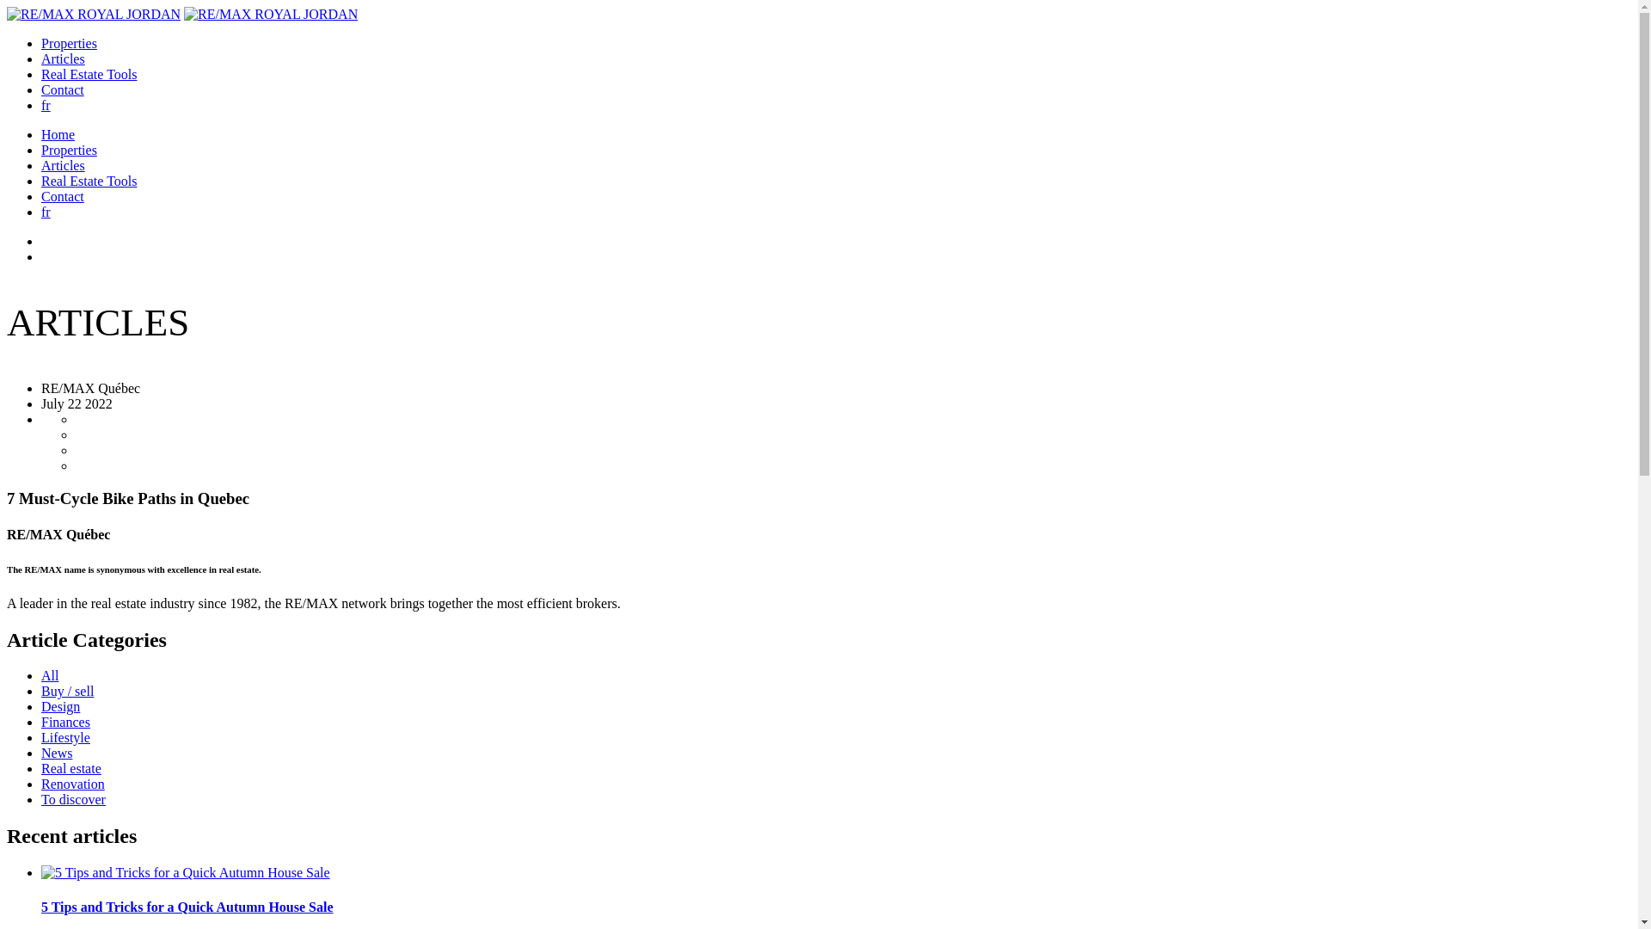  Describe the element at coordinates (65, 722) in the screenshot. I see `'Finances'` at that location.